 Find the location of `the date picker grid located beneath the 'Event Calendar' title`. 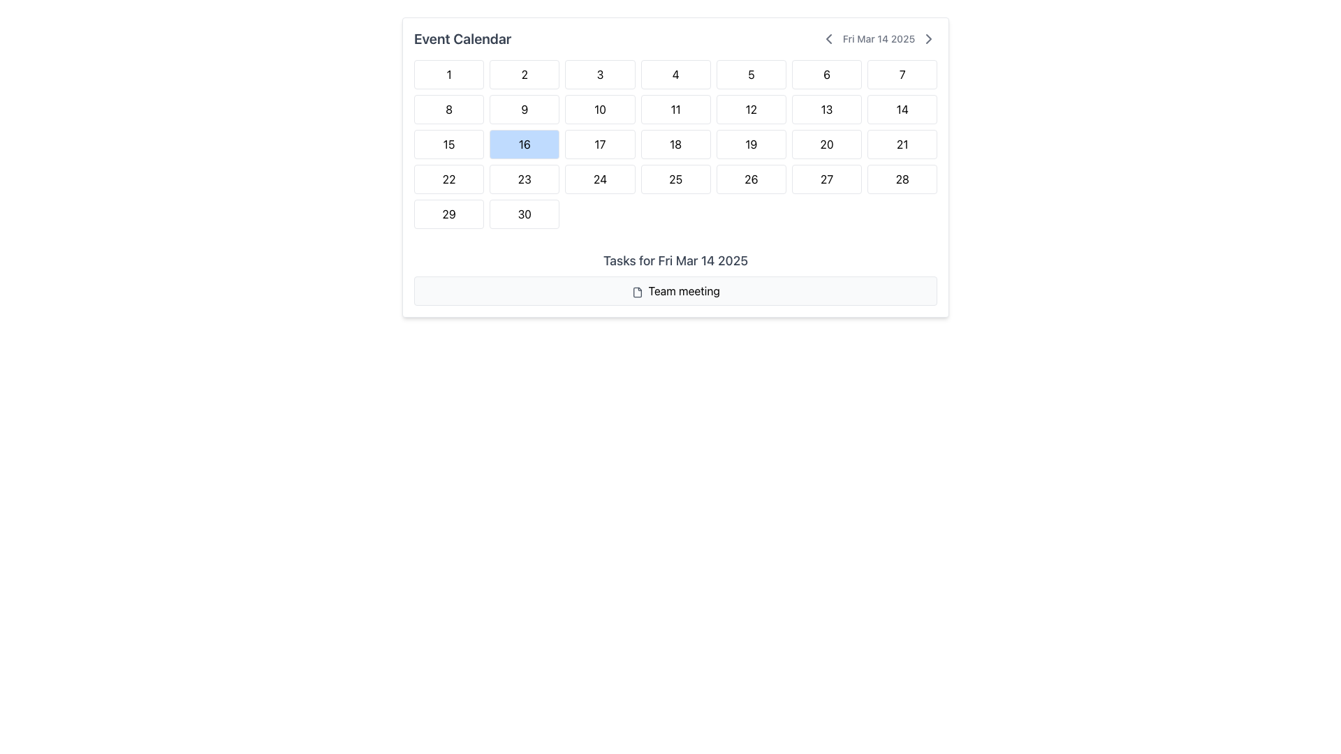

the date picker grid located beneath the 'Event Calendar' title is located at coordinates (675, 145).